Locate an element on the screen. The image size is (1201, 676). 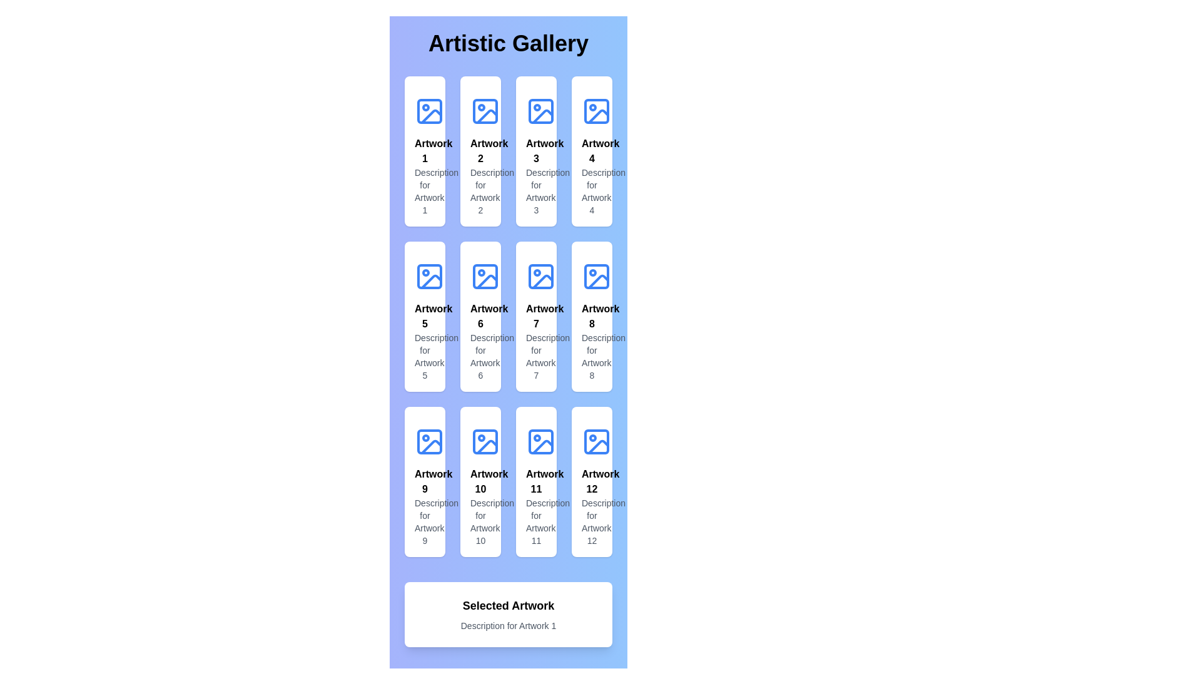
the image preview icon located at the central upper position of the 'Artwork 9' card is located at coordinates (429, 441).